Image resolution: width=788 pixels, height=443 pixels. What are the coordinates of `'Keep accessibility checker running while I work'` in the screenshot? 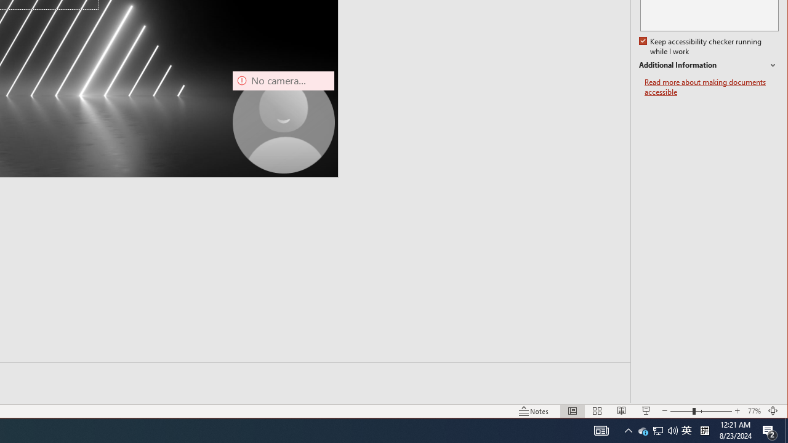 It's located at (701, 46).